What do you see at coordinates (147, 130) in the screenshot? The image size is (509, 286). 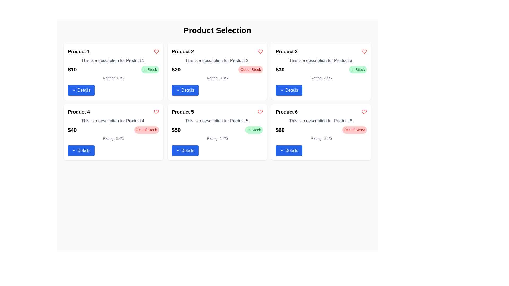 I see `the availability status label of 'Product 4' indicating it is currently unavailable, located to the right of the price label ('$40')` at bounding box center [147, 130].